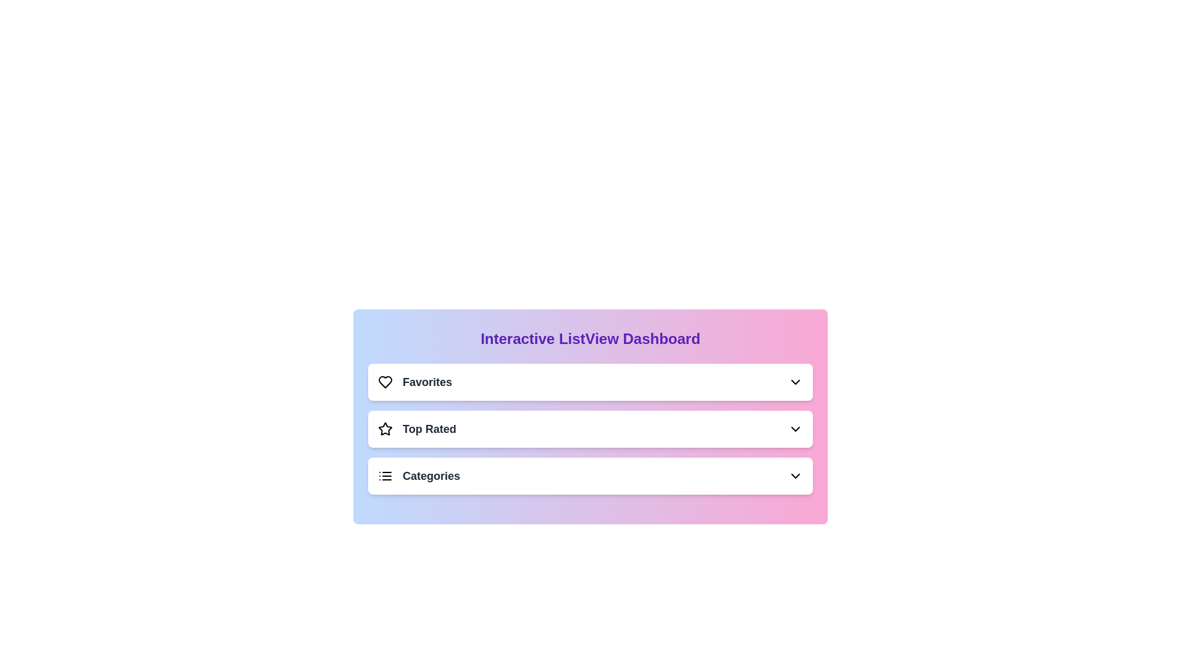 Image resolution: width=1186 pixels, height=667 pixels. I want to click on the heading text 'Interactive ListView Dashboard', so click(589, 338).